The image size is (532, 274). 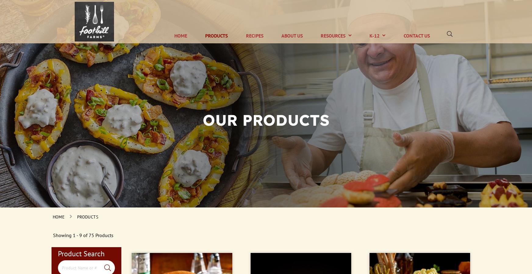 What do you see at coordinates (265, 120) in the screenshot?
I see `'Our Products'` at bounding box center [265, 120].